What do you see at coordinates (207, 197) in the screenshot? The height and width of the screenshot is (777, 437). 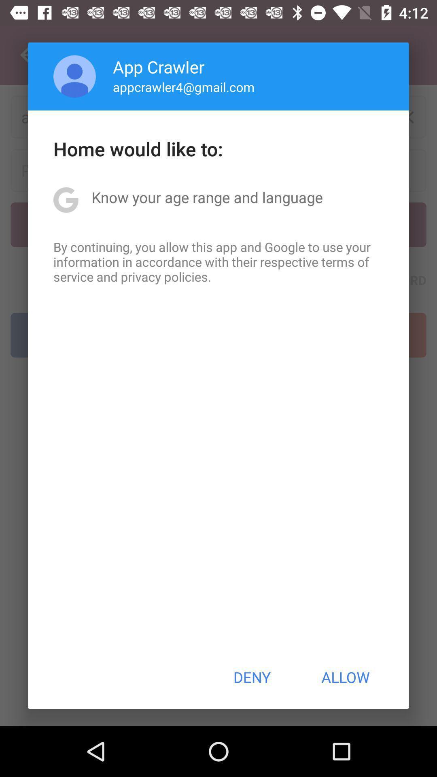 I see `icon above the by continuing you icon` at bounding box center [207, 197].